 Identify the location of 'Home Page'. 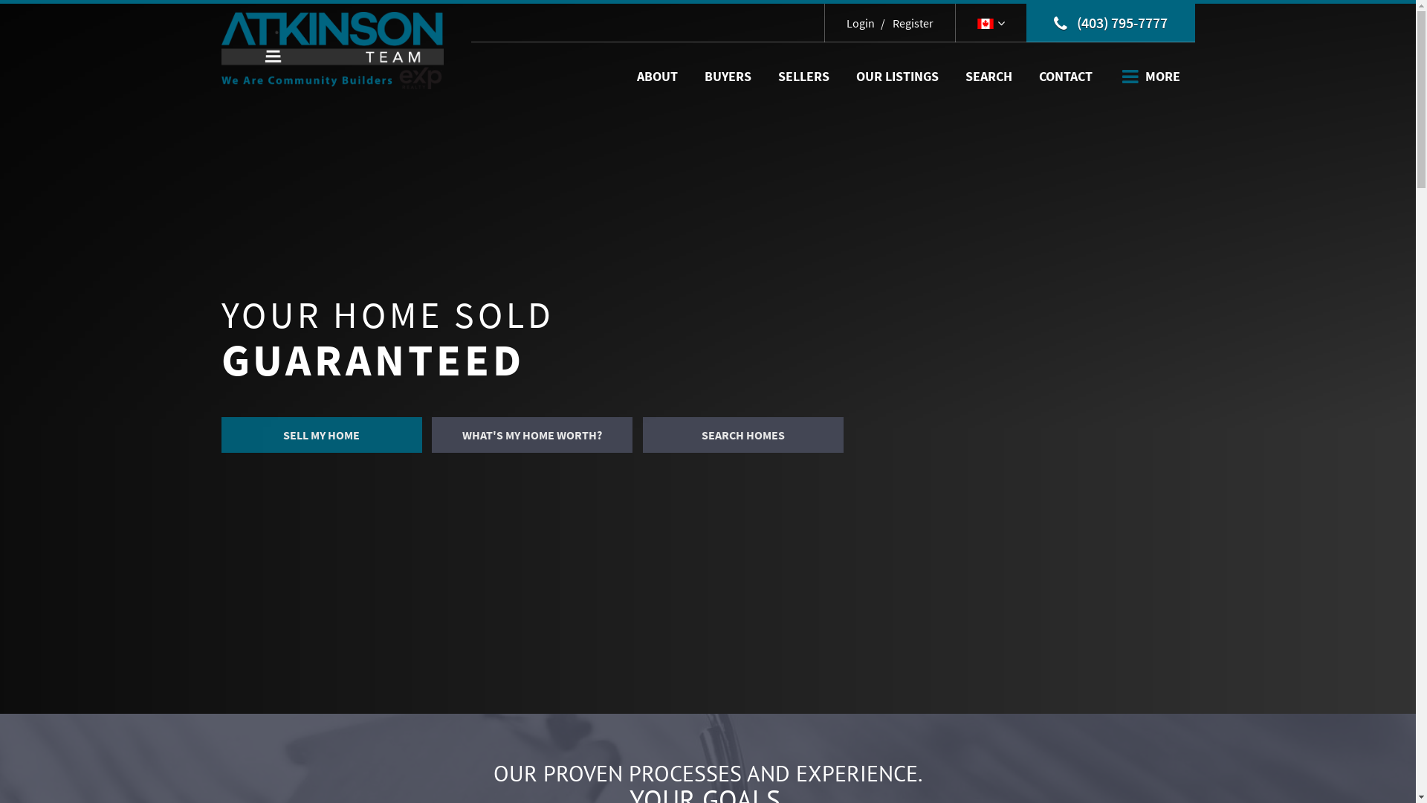
(331, 48).